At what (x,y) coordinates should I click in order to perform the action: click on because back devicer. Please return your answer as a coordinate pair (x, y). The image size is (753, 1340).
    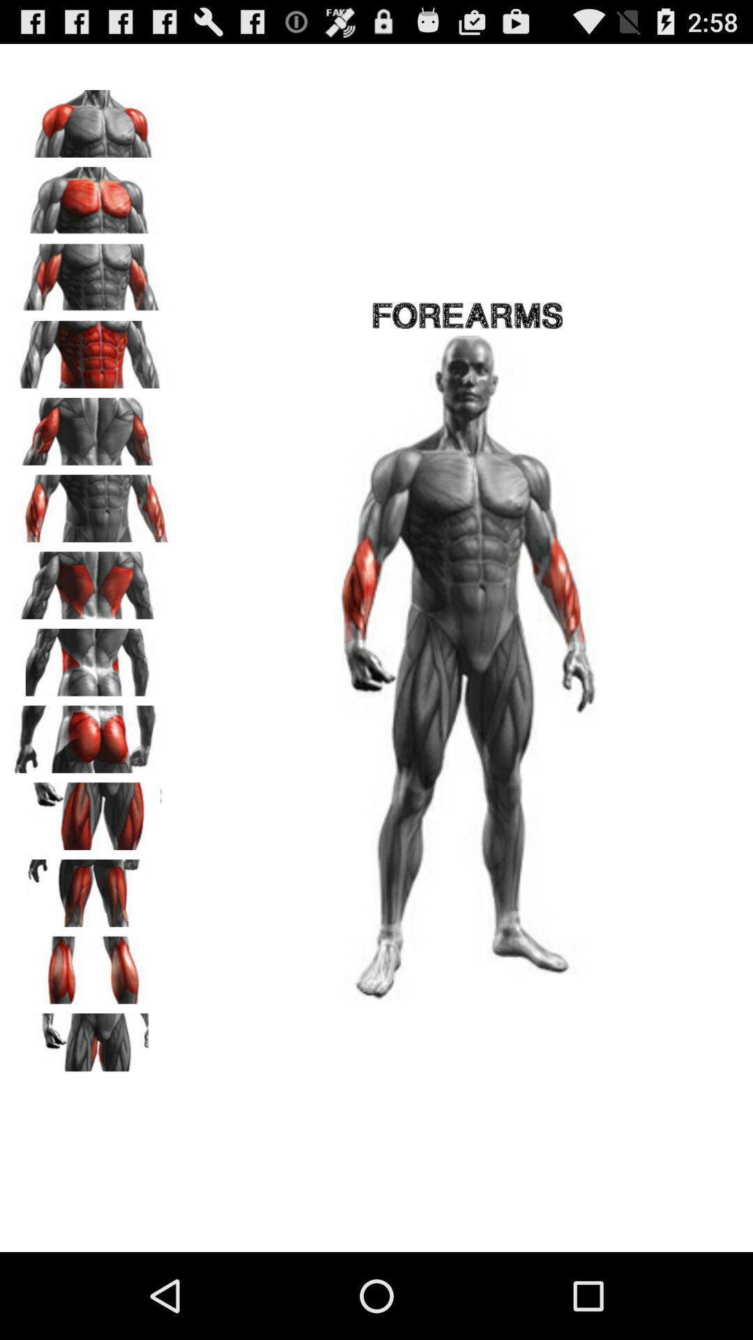
    Looking at the image, I should click on (91, 502).